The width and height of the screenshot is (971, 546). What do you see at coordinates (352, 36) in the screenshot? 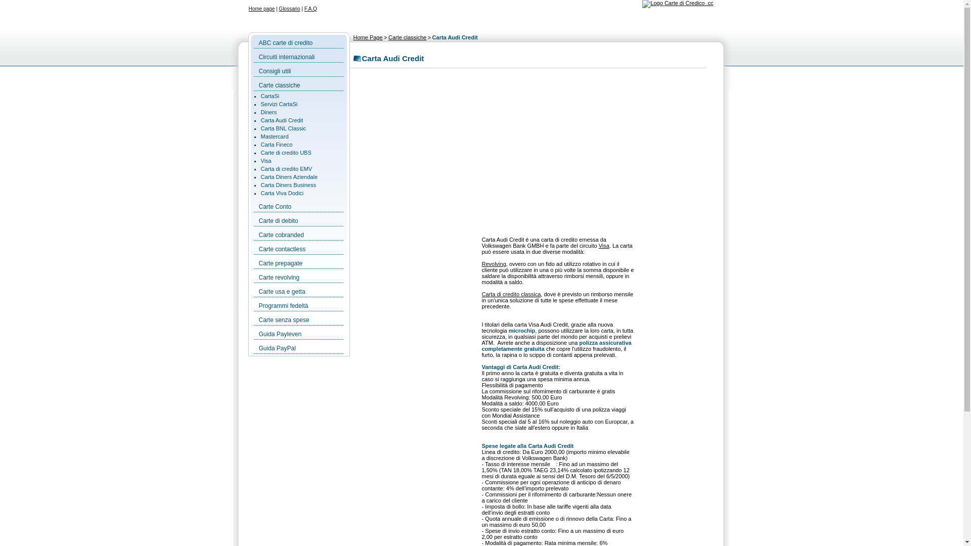
I see `'Home Page'` at bounding box center [352, 36].